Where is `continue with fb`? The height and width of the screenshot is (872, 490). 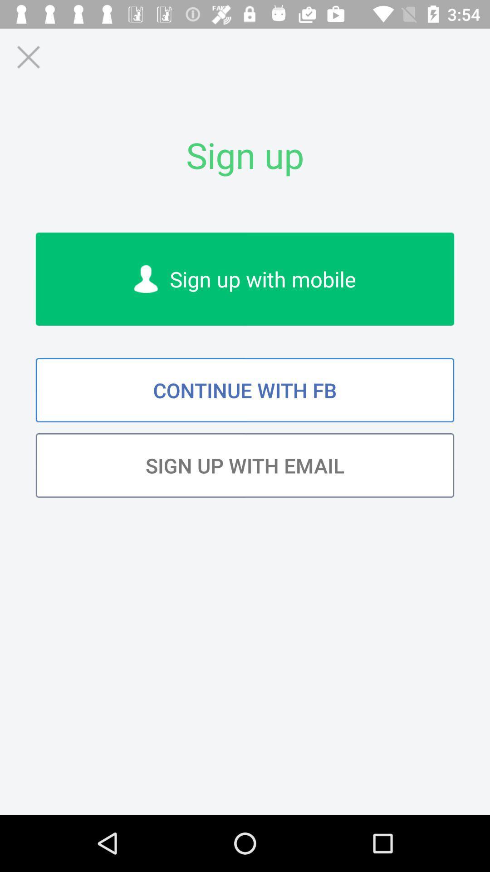 continue with fb is located at coordinates (245, 390).